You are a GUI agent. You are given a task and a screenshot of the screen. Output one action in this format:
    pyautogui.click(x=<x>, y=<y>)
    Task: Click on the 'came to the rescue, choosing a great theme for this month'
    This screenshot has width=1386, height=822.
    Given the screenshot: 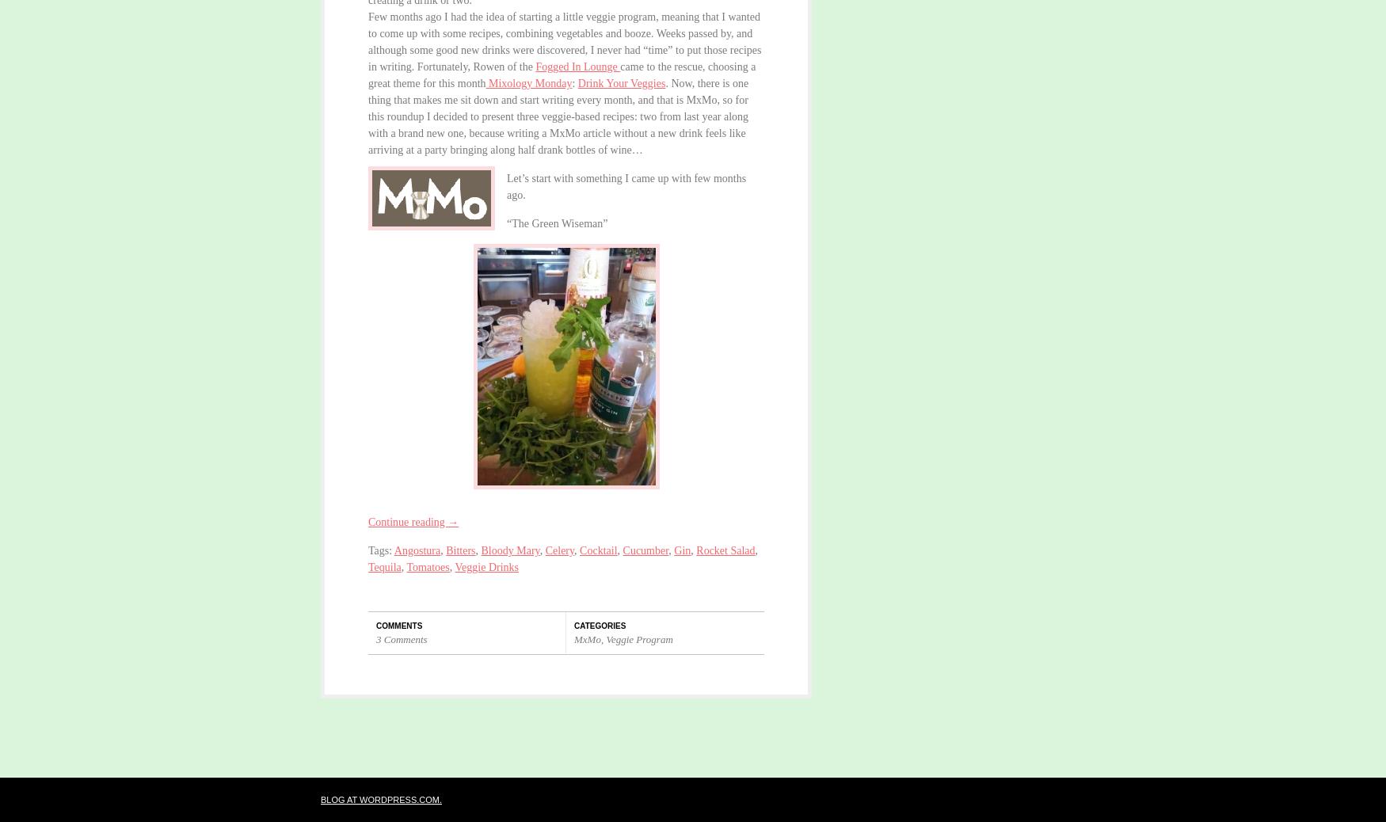 What is the action you would take?
    pyautogui.click(x=562, y=74)
    